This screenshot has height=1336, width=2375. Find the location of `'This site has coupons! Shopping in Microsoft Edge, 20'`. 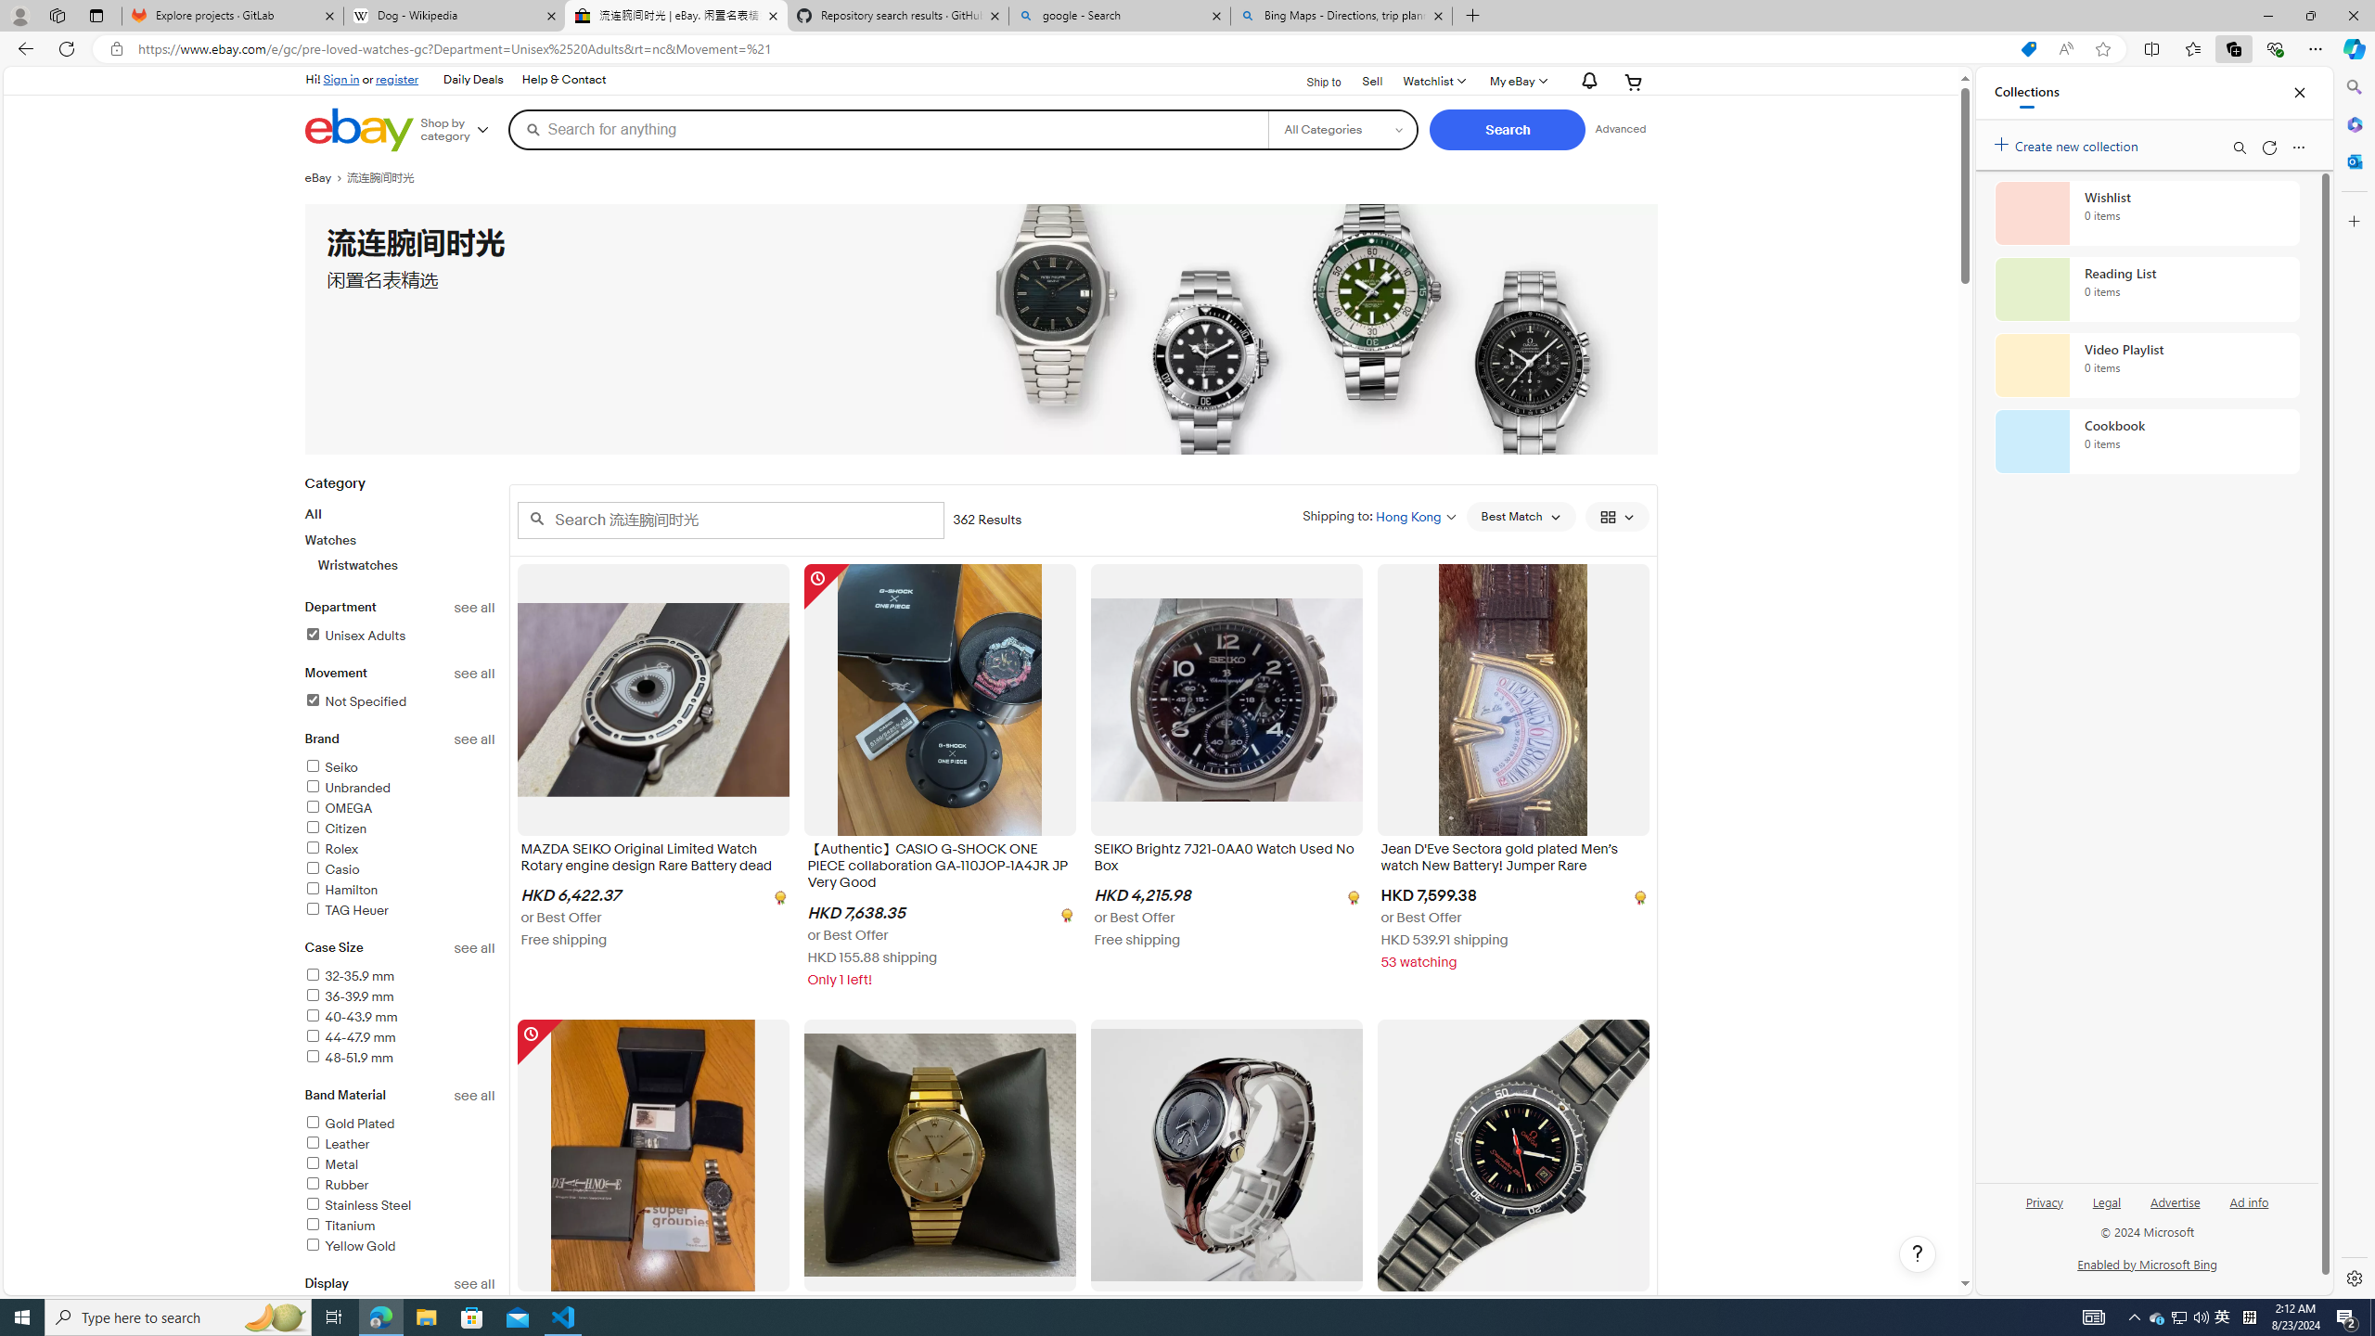

'This site has coupons! Shopping in Microsoft Edge, 20' is located at coordinates (2027, 49).